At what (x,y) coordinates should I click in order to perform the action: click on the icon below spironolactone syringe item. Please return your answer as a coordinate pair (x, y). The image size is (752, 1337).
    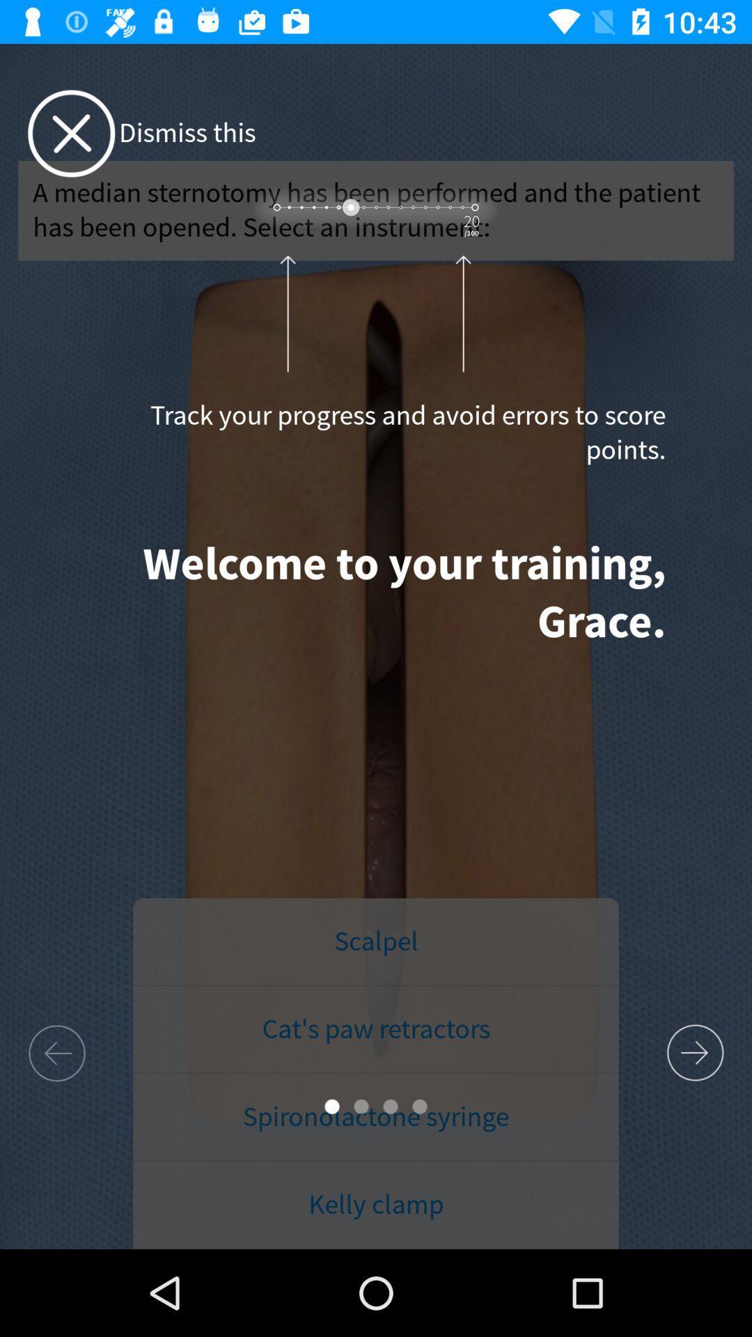
    Looking at the image, I should click on (376, 1205).